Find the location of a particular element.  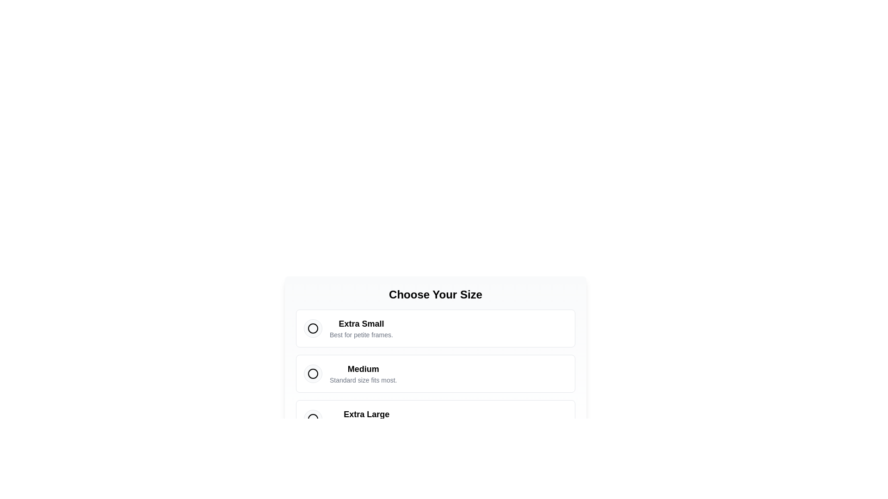

the graphical icon or indicator that represents a currently selected item, positioned first in a vertical list to the left of the text 'Extra Small' is located at coordinates (313, 328).